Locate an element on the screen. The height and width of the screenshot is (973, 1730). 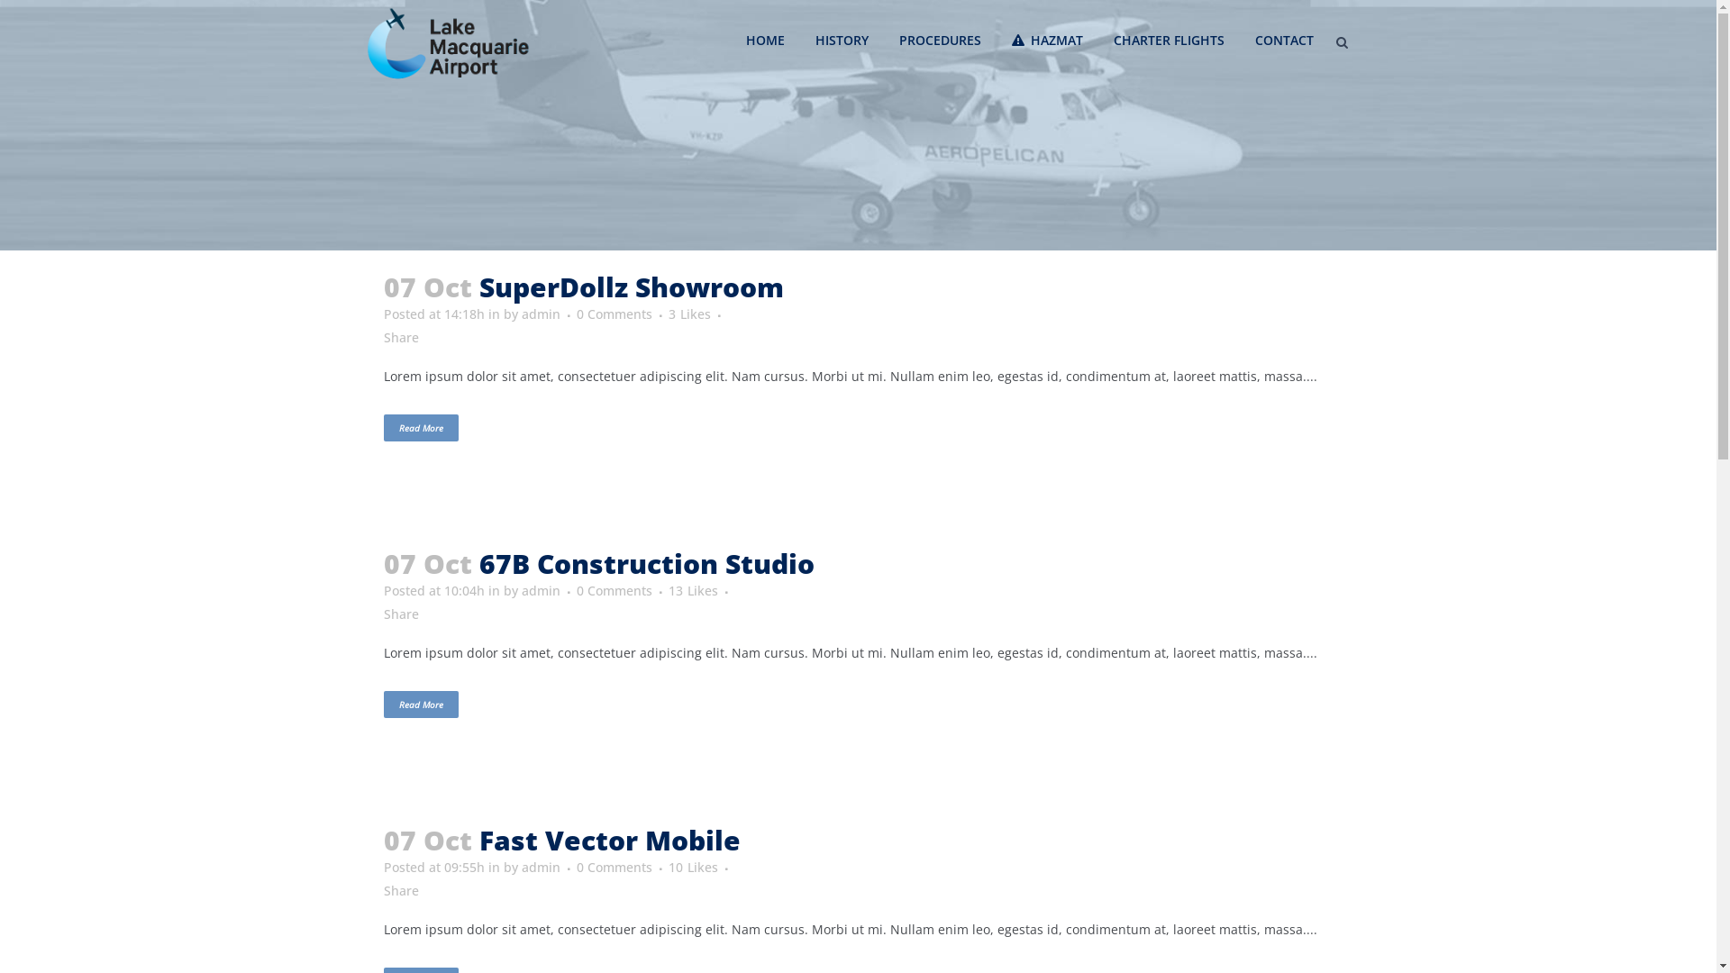
'Share' is located at coordinates (400, 613).